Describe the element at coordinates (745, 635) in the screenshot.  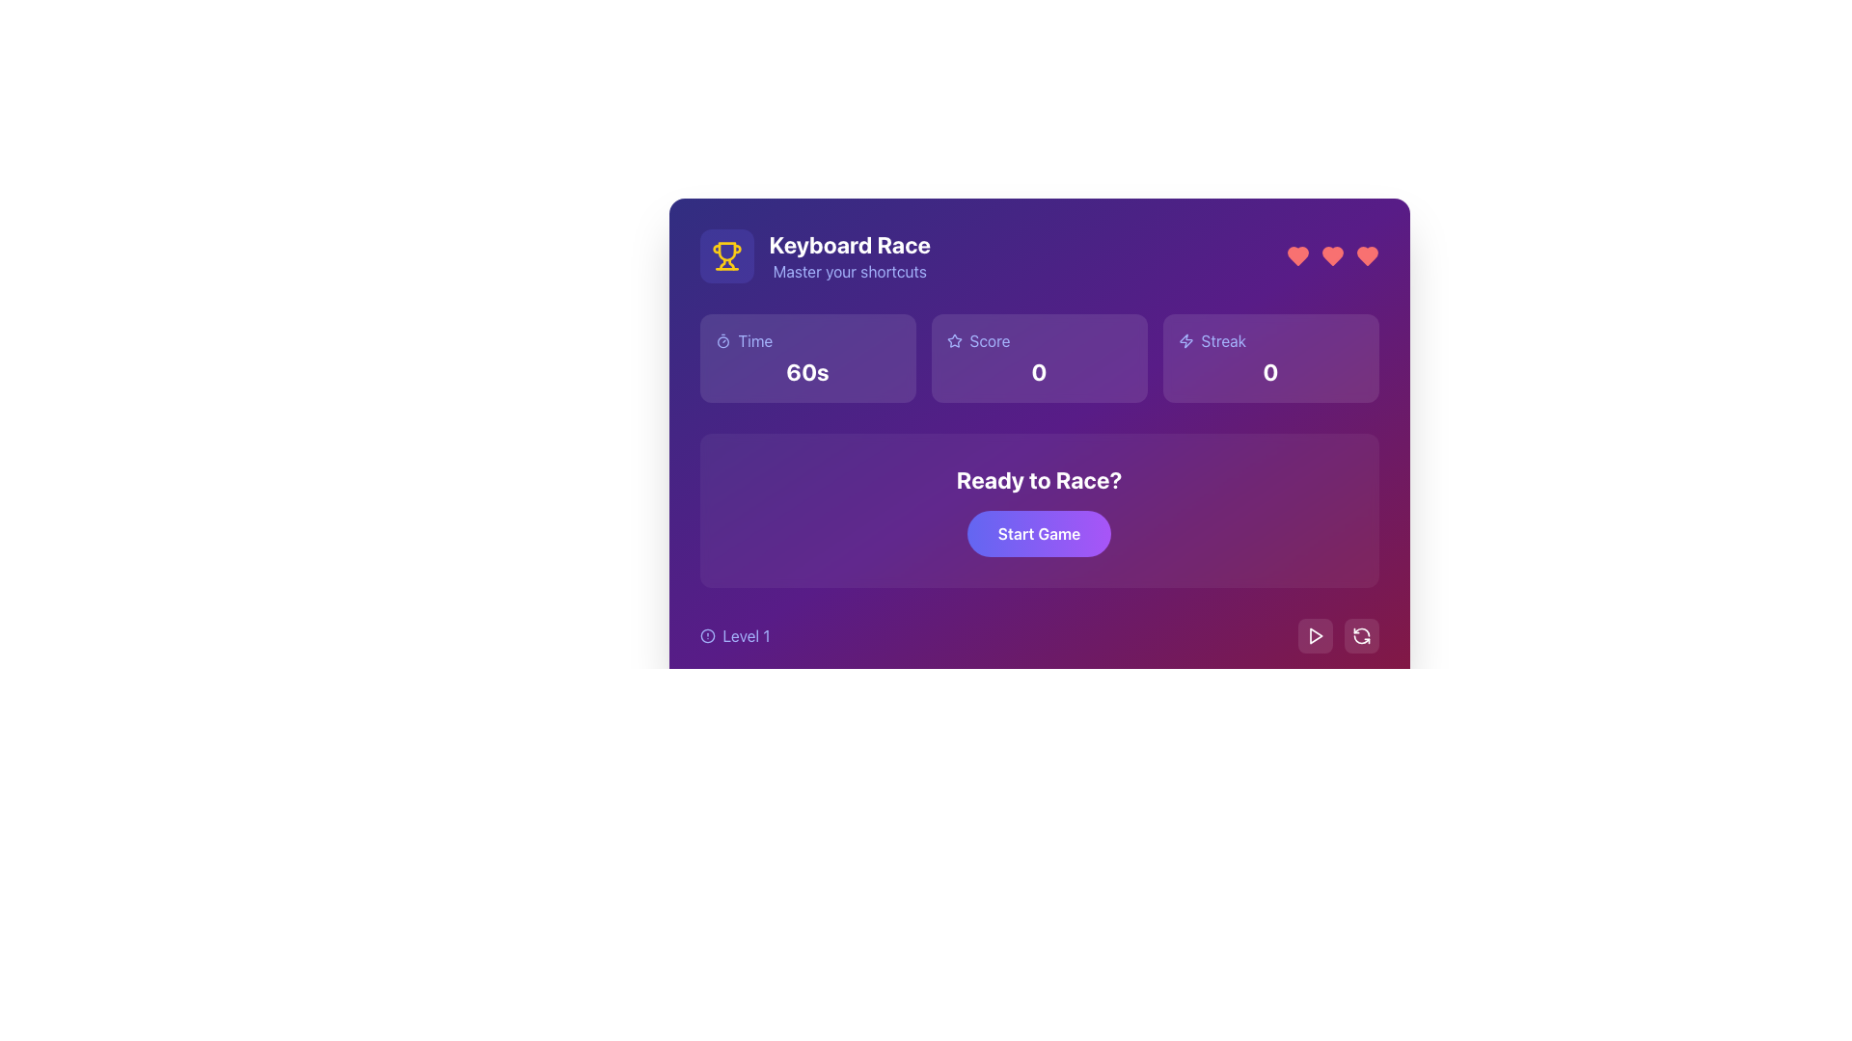
I see `the static text label displaying the current level information, located at the bottom left of the interface, to the right of the information icon` at that location.